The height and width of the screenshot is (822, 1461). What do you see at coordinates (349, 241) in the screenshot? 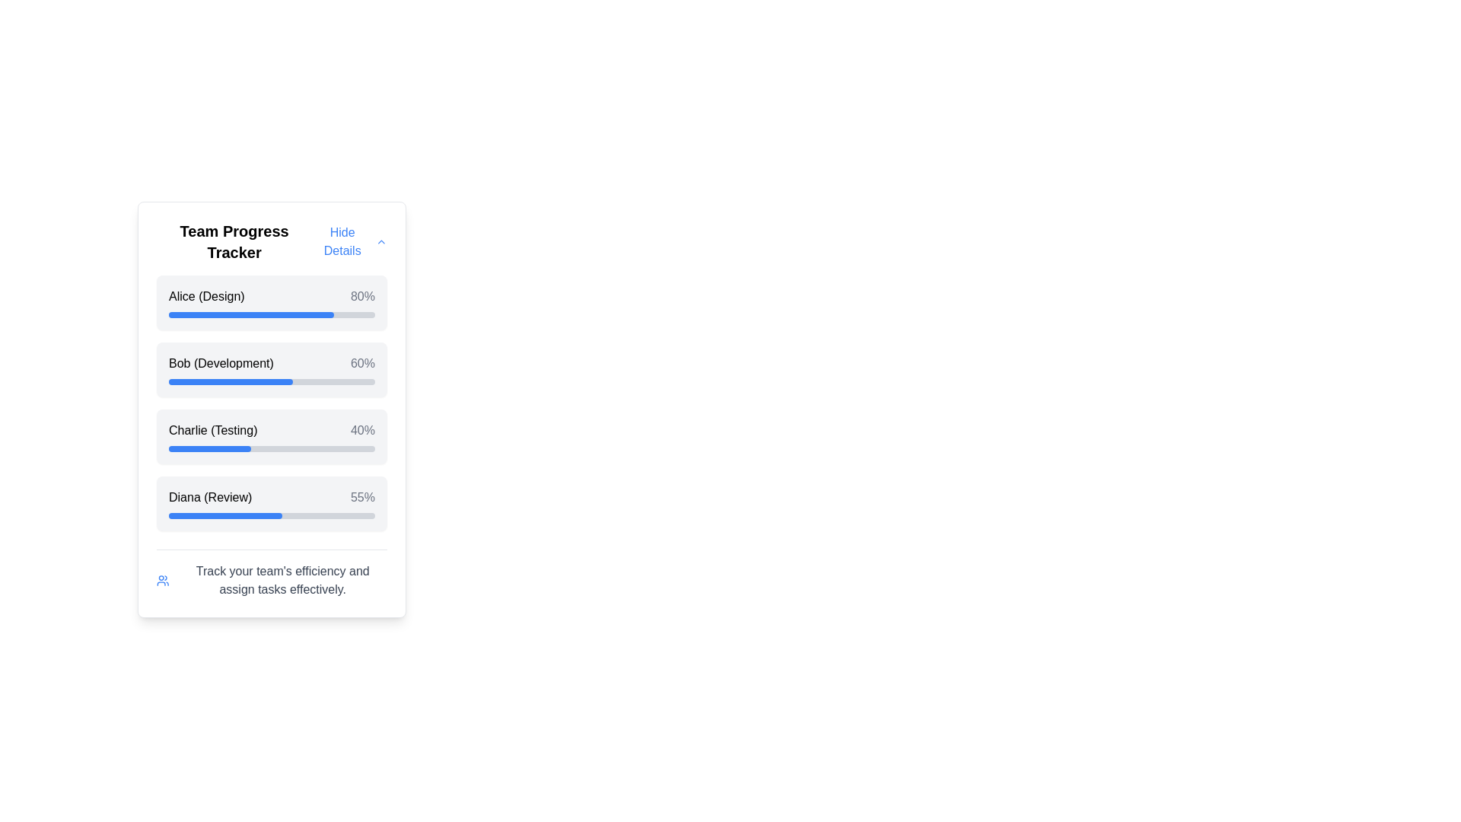
I see `the interactive button labeled 'Hide Details' with a blue text and upward-facing chevron icon located at the top-right corner of the 'Team Progress Tracker' card` at bounding box center [349, 241].